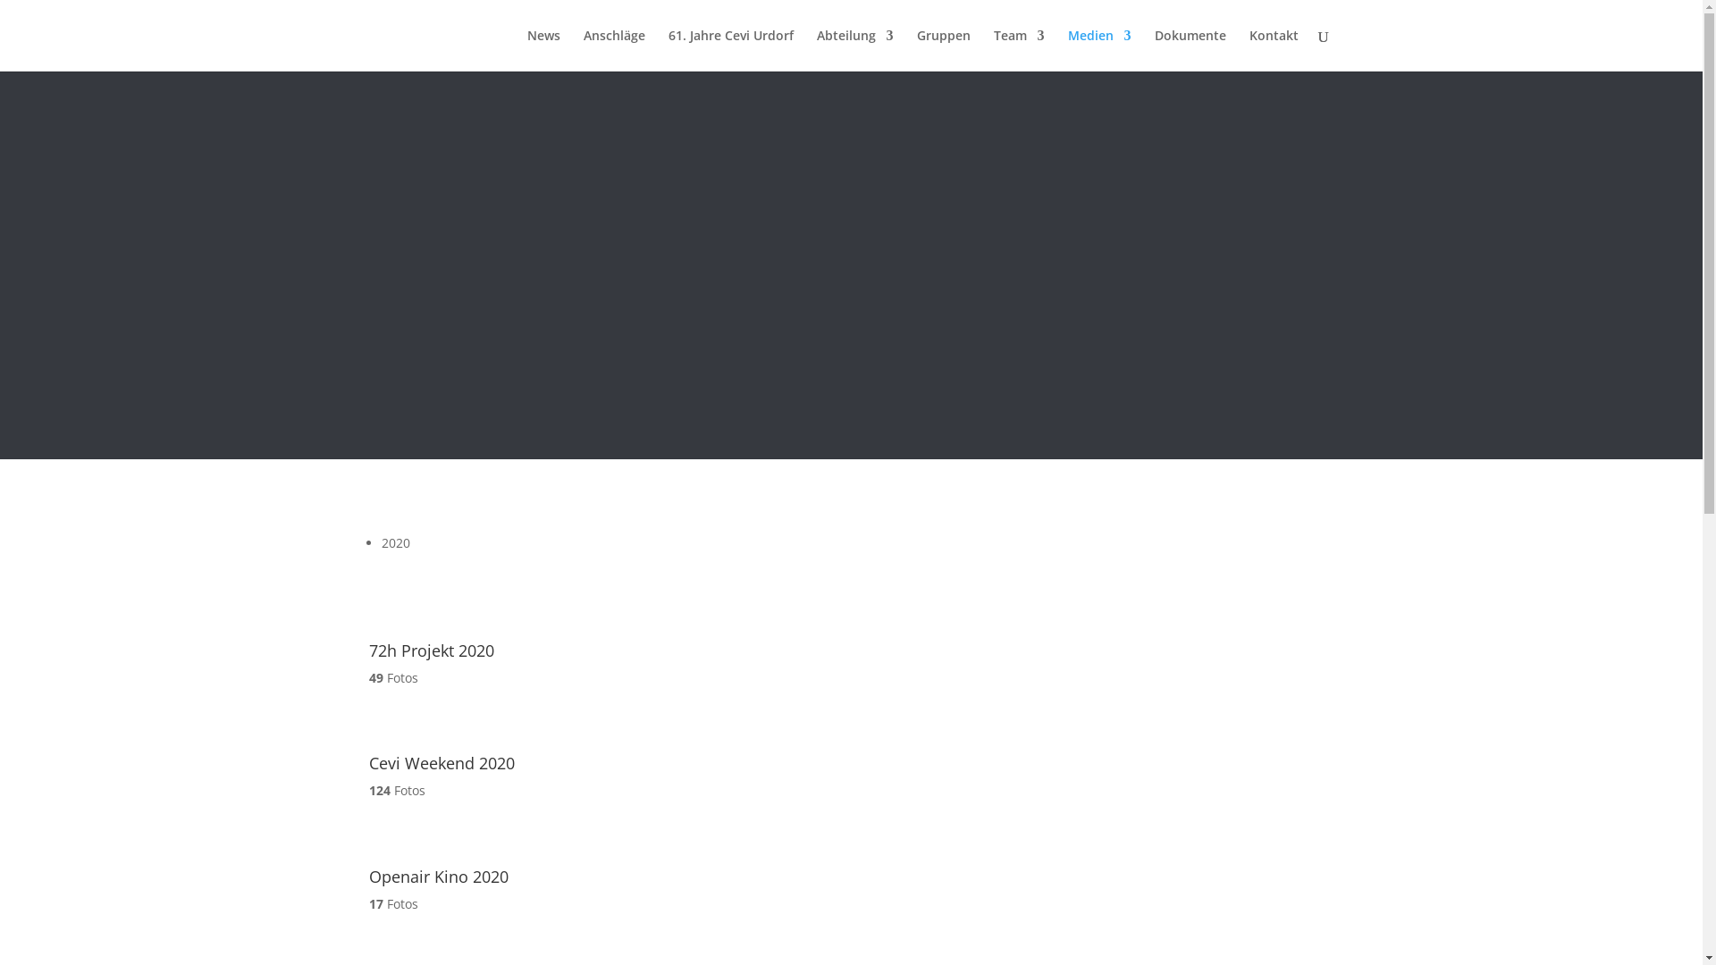  I want to click on 'Medien', so click(1098, 49).